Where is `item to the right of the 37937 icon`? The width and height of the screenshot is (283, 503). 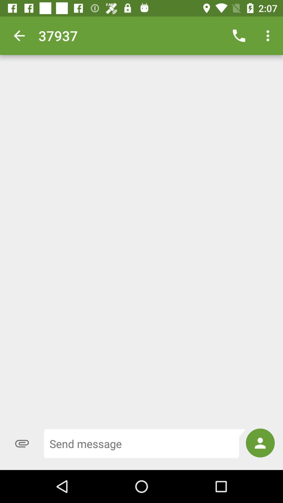 item to the right of the 37937 icon is located at coordinates (239, 35).